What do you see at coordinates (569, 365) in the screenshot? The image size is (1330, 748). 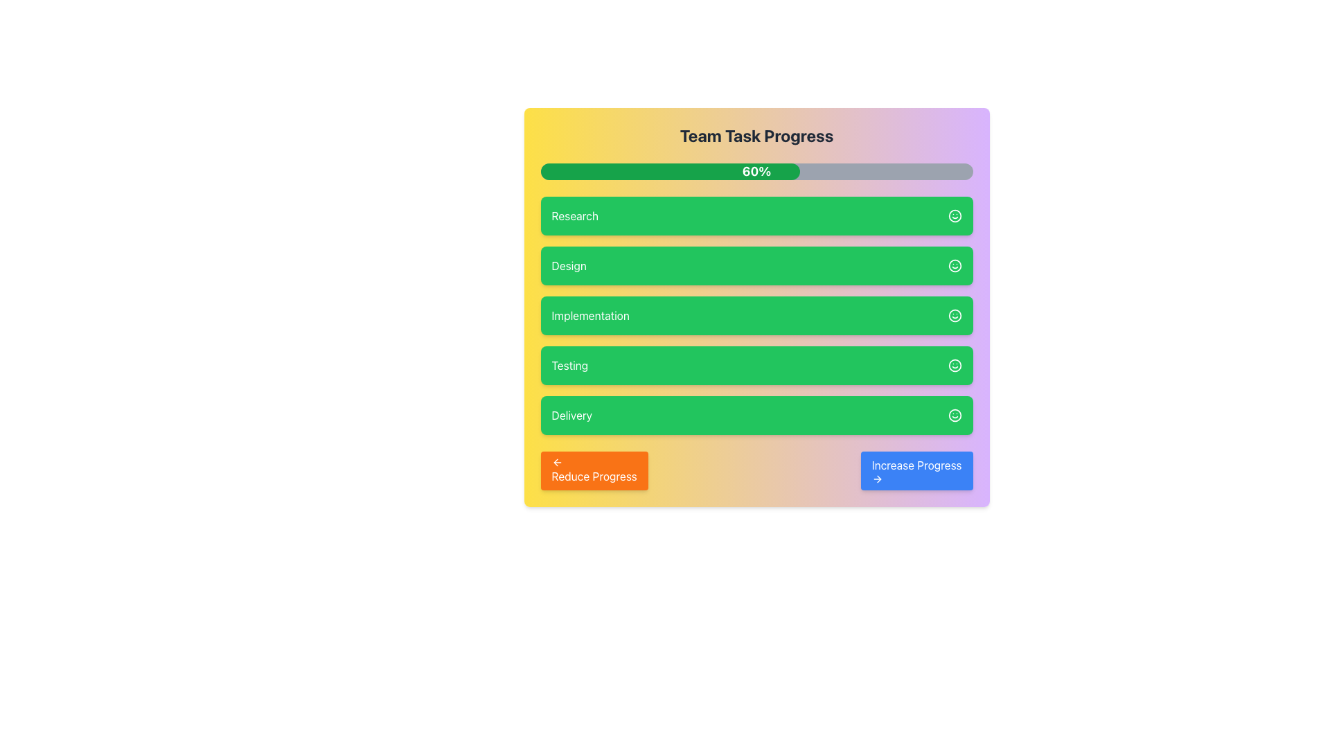 I see `the text label styled in bold sans-serif font, displayed in white on a green background, located in the fourth row of the task labels` at bounding box center [569, 365].